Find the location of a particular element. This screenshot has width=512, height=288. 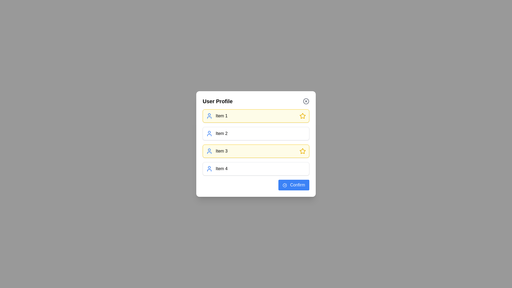

the SVG circle element that serves as the outer border of the circular icon in the 'User Profile' dialog box is located at coordinates (306, 101).